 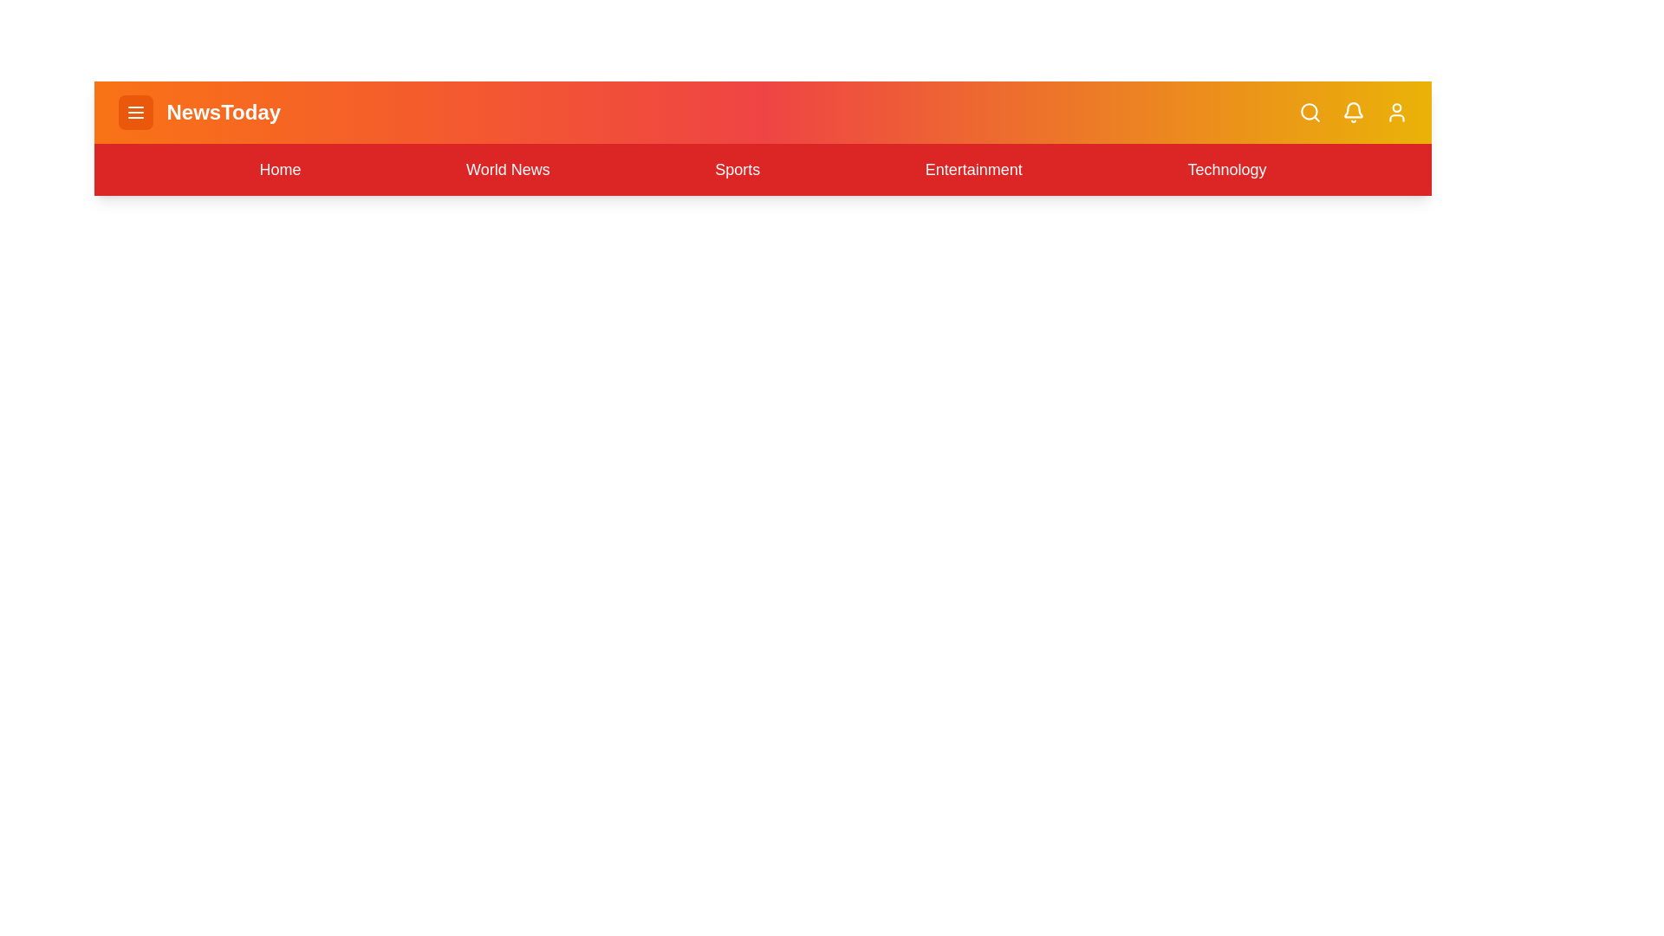 I want to click on the menu button to toggle the navigation menu, so click(x=134, y=113).